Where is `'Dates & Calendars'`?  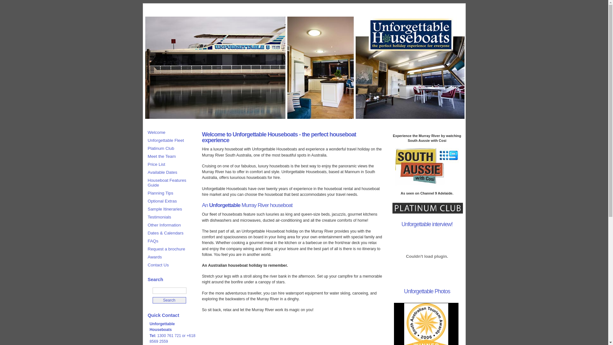 'Dates & Calendars' is located at coordinates (170, 233).